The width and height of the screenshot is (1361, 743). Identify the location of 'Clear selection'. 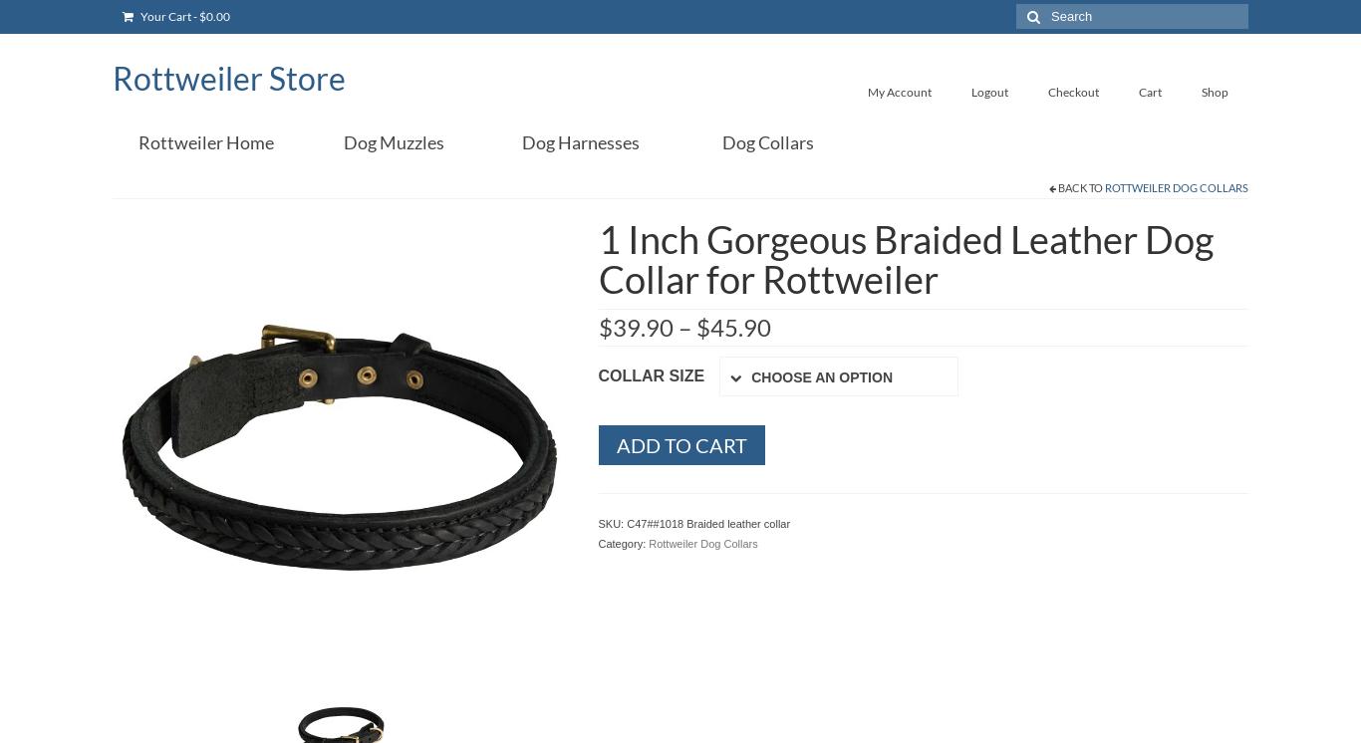
(754, 411).